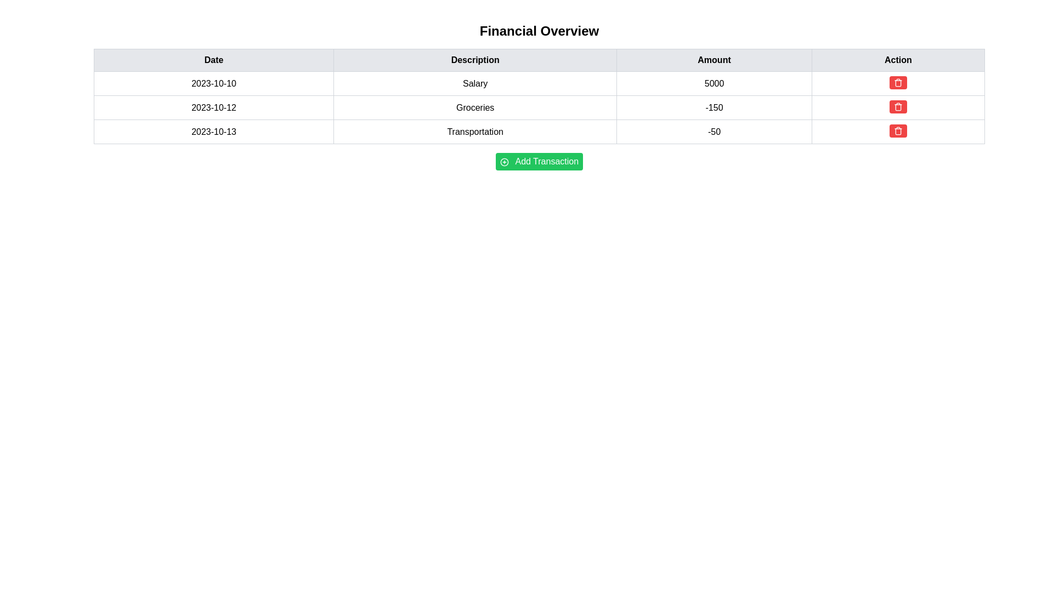 The image size is (1053, 592). Describe the element at coordinates (539, 83) in the screenshot. I see `the tabular row displaying the financial data for the date '2023-10-10', description 'Salary', and amount '5000'` at that location.